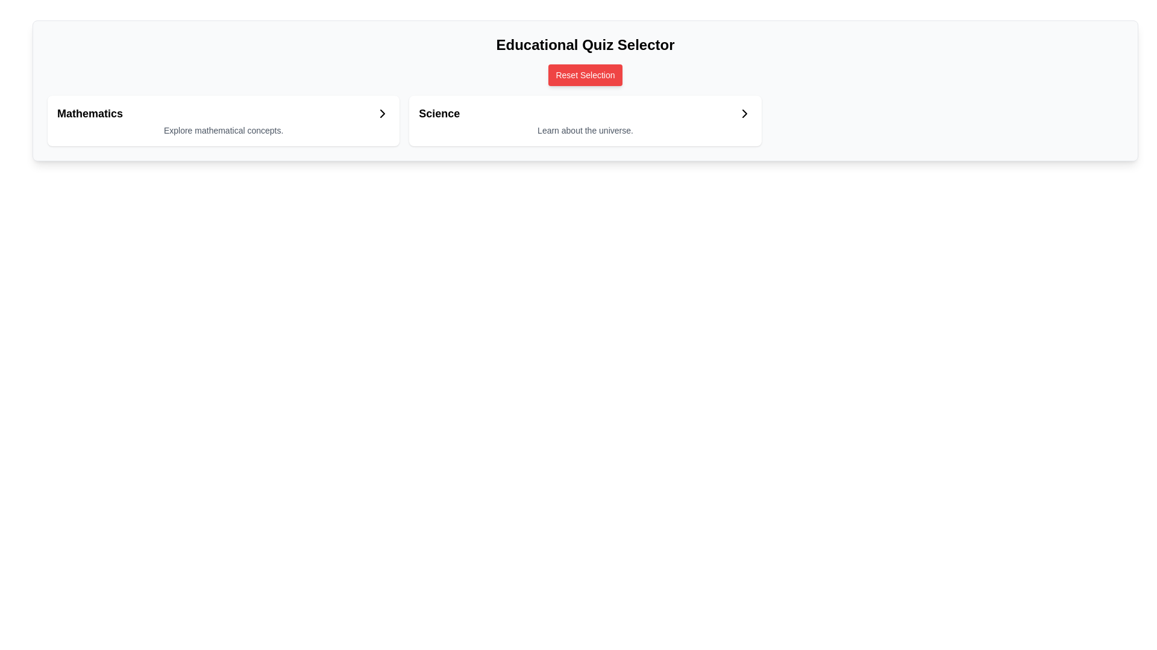 Image resolution: width=1157 pixels, height=650 pixels. What do you see at coordinates (382, 114) in the screenshot?
I see `the navigation icon located at the right end of the 'Mathematics' button, which serves as a forward indicator for more information related to Mathematics` at bounding box center [382, 114].